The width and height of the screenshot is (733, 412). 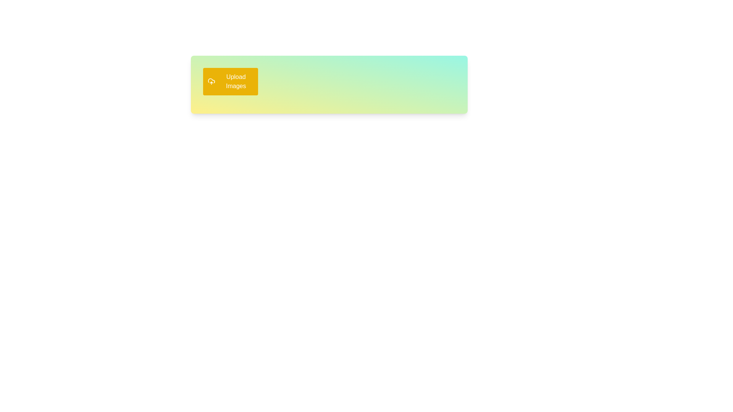 What do you see at coordinates (230, 81) in the screenshot?
I see `the rectangular button with a yellow background that displays 'Upload Images' in white font to observe the hover effect` at bounding box center [230, 81].